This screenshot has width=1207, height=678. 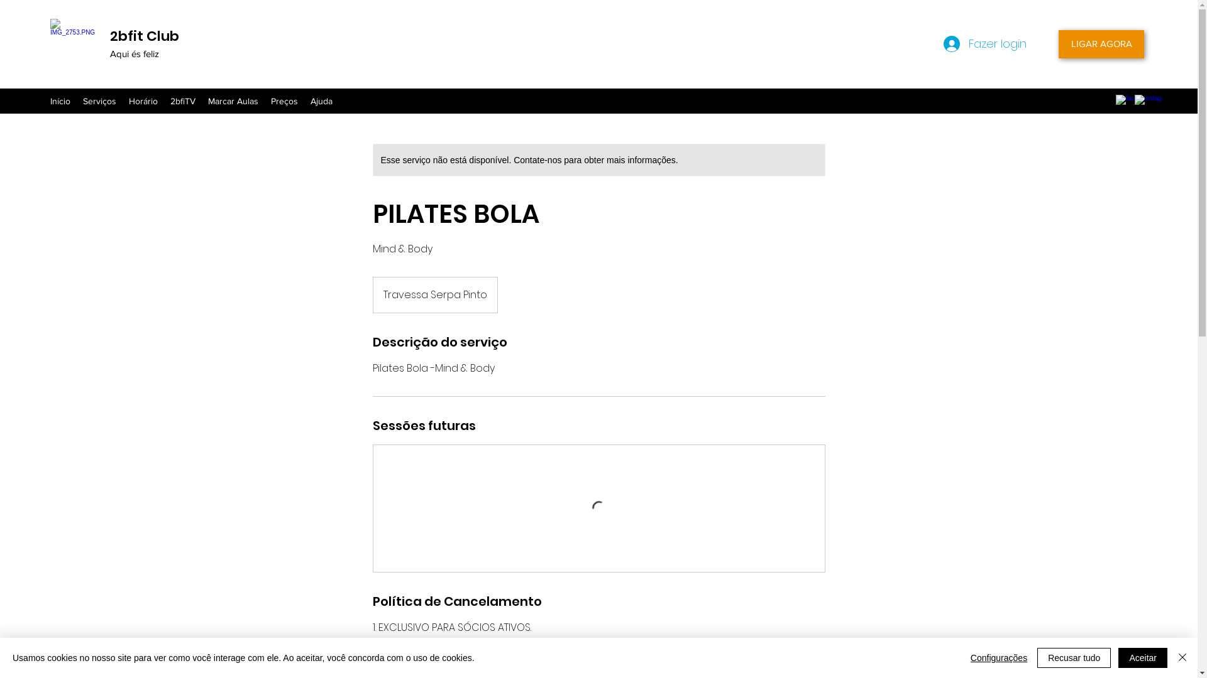 What do you see at coordinates (977, 43) in the screenshot?
I see `'Fazer login'` at bounding box center [977, 43].